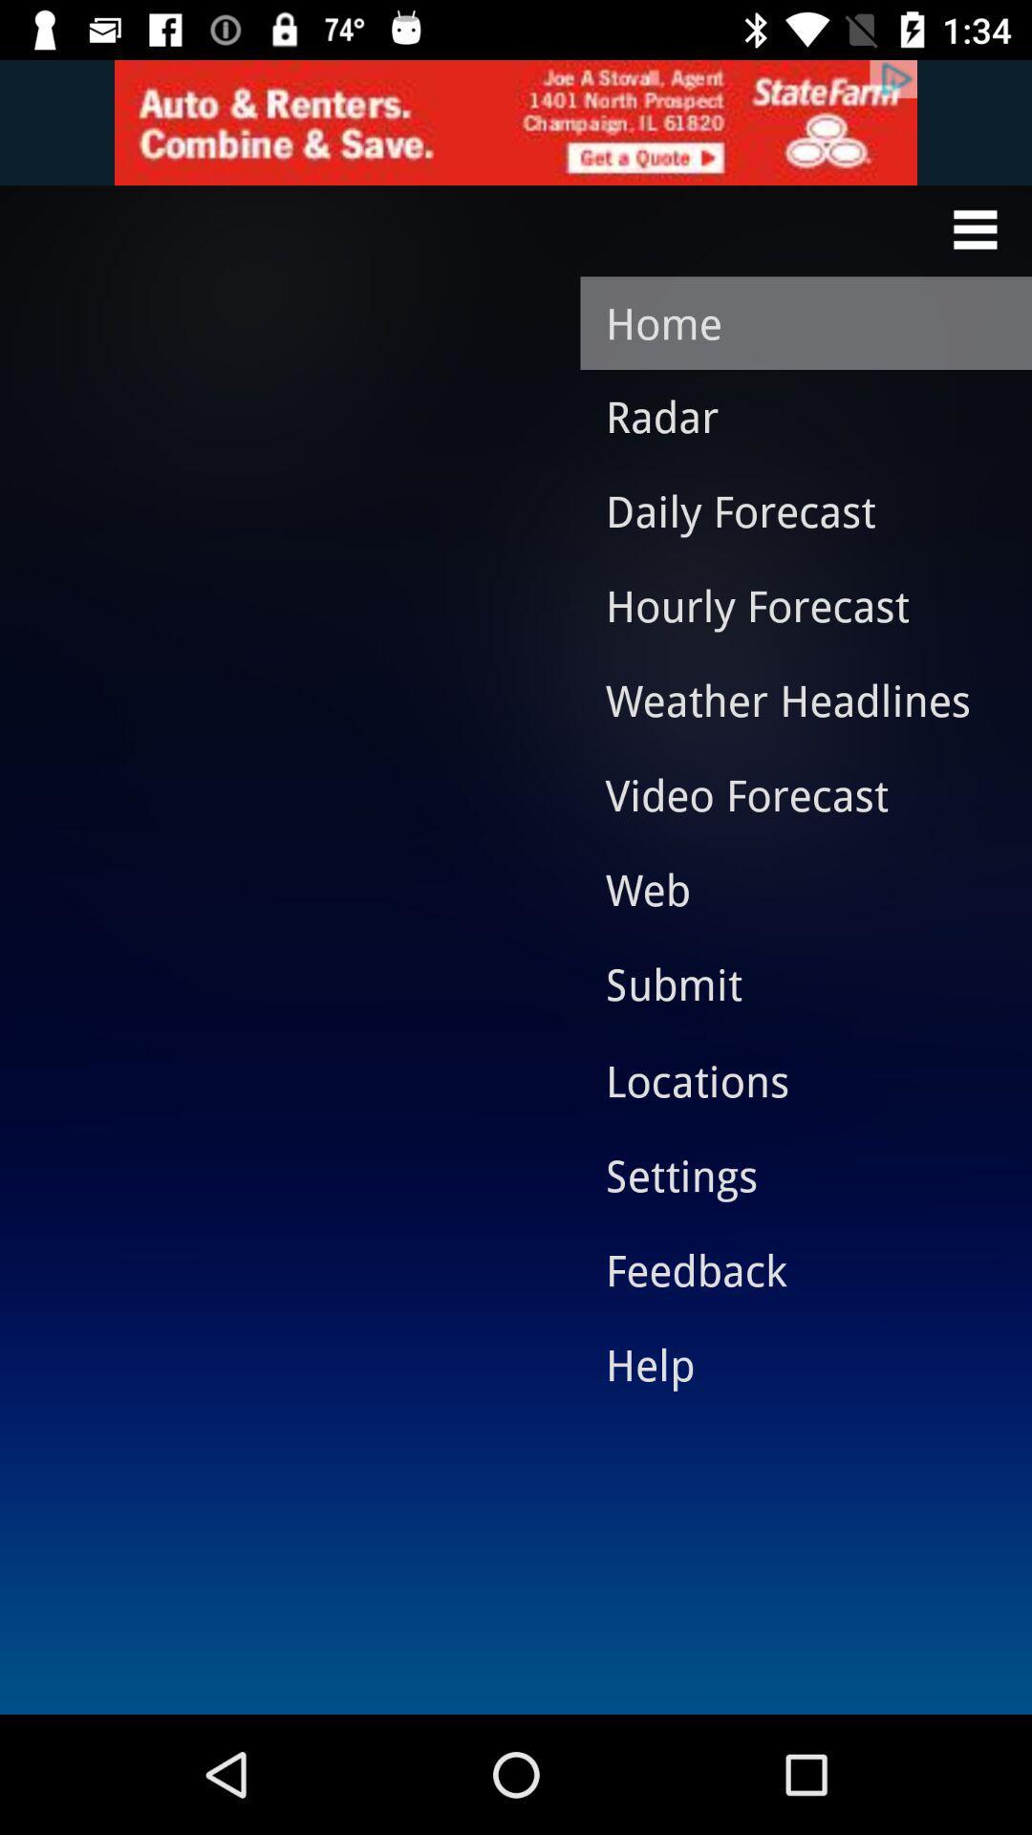 The image size is (1032, 1835). I want to click on its an advertisement, so click(516, 121).